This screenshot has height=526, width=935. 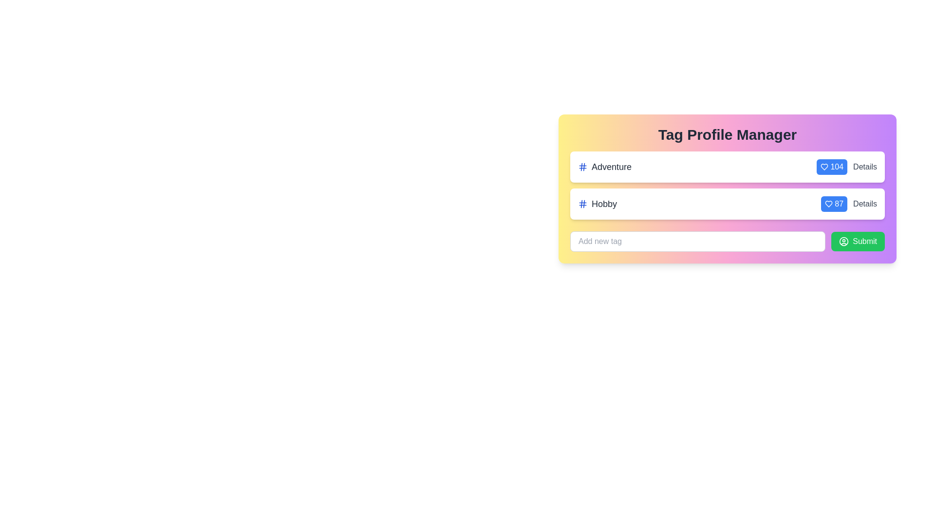 I want to click on the Adventure icon located immediately to the left of the text 'Adventure' in the first list item of a vertical list, so click(x=582, y=167).